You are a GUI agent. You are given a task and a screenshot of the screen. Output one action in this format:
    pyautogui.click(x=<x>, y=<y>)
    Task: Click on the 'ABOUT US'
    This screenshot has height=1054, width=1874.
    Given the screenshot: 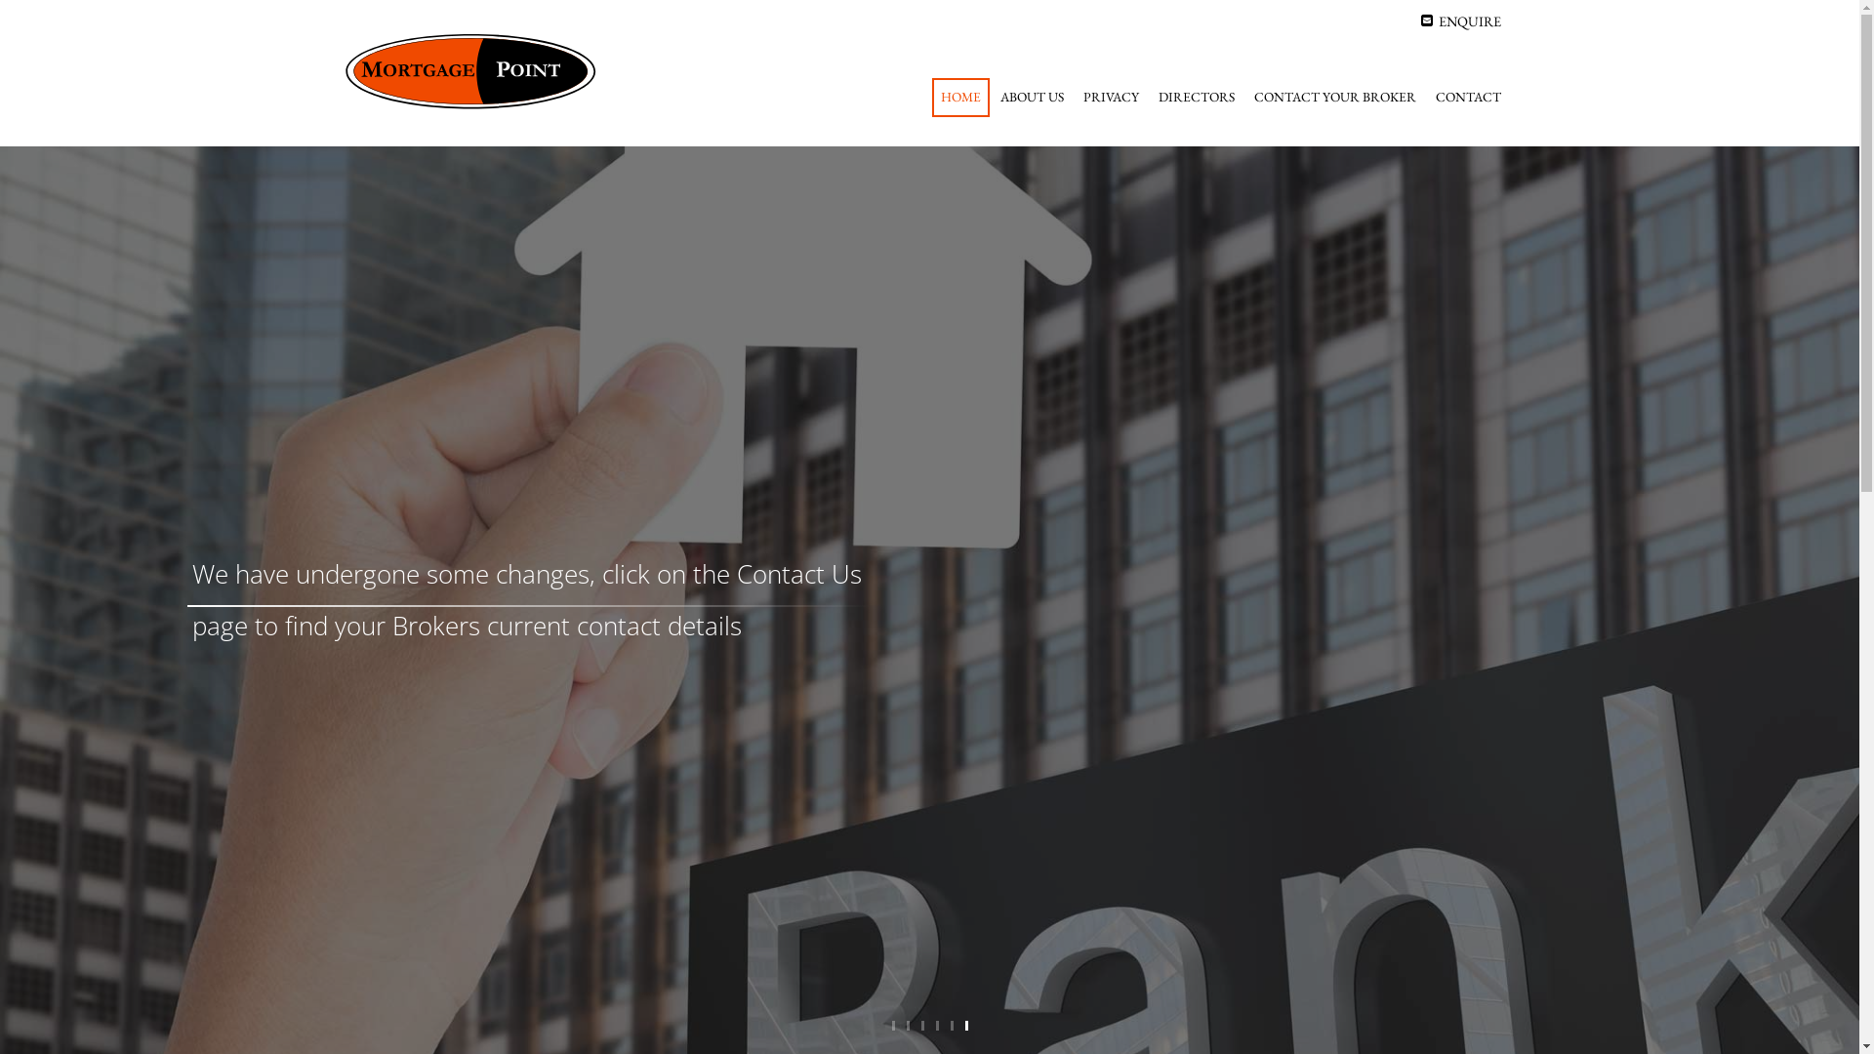 What is the action you would take?
    pyautogui.click(x=1031, y=98)
    